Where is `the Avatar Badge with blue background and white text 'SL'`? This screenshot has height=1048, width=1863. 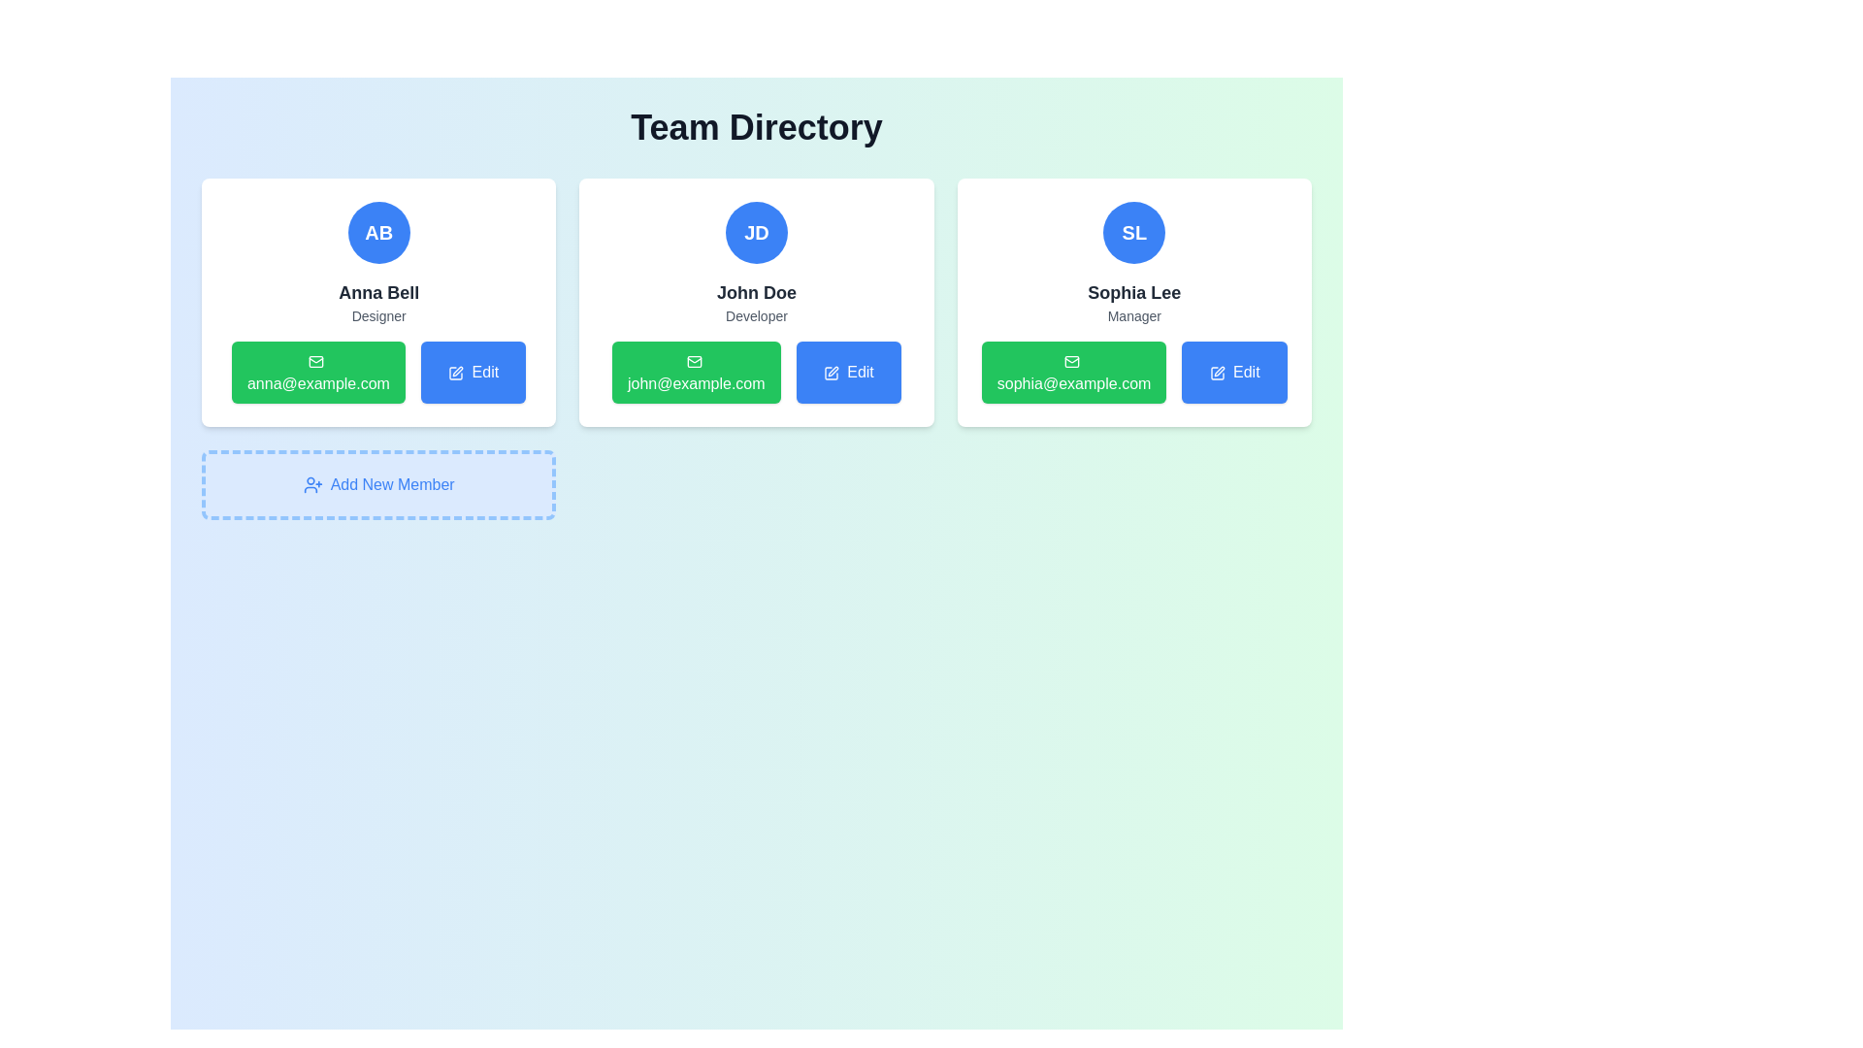
the Avatar Badge with blue background and white text 'SL' is located at coordinates (1134, 231).